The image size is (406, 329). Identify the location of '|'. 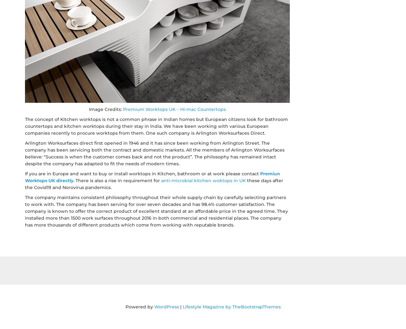
(178, 306).